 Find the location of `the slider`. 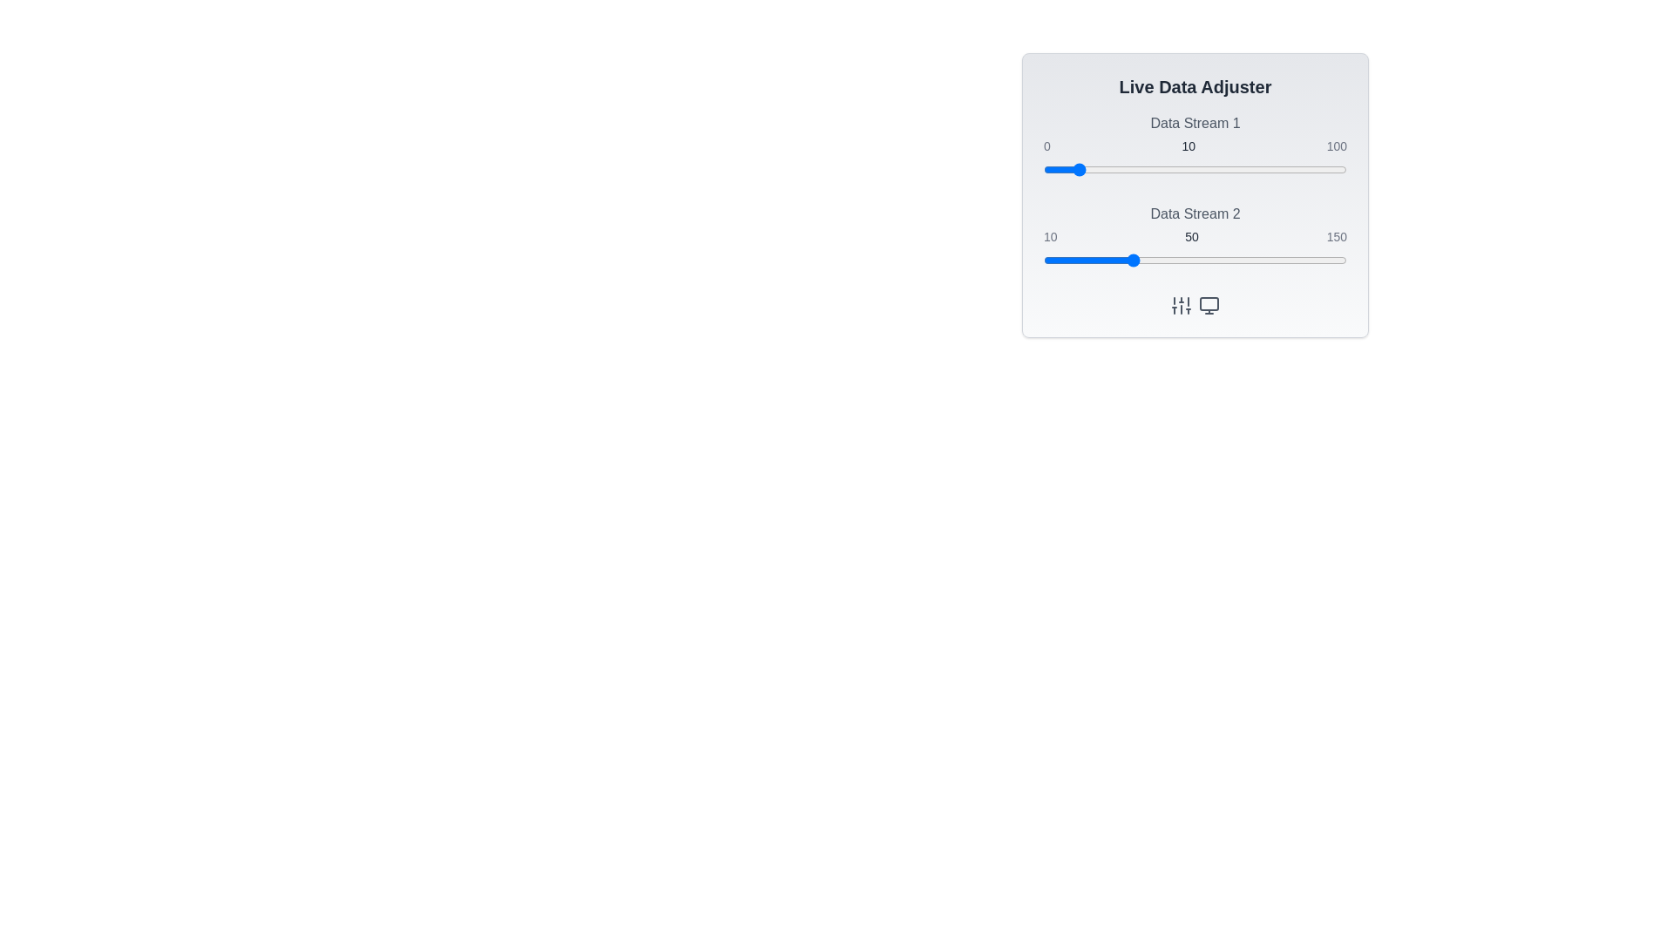

the slider is located at coordinates (1340, 170).